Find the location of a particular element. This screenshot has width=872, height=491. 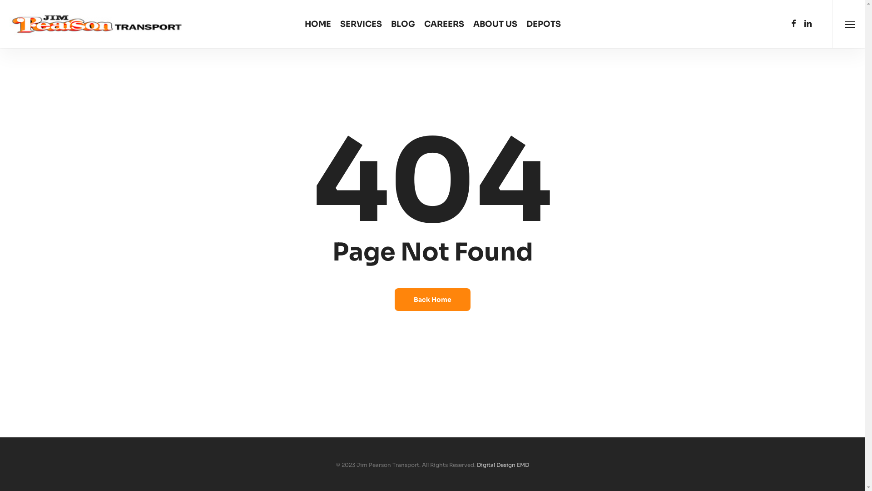

'ABOUT US' is located at coordinates (495, 24).